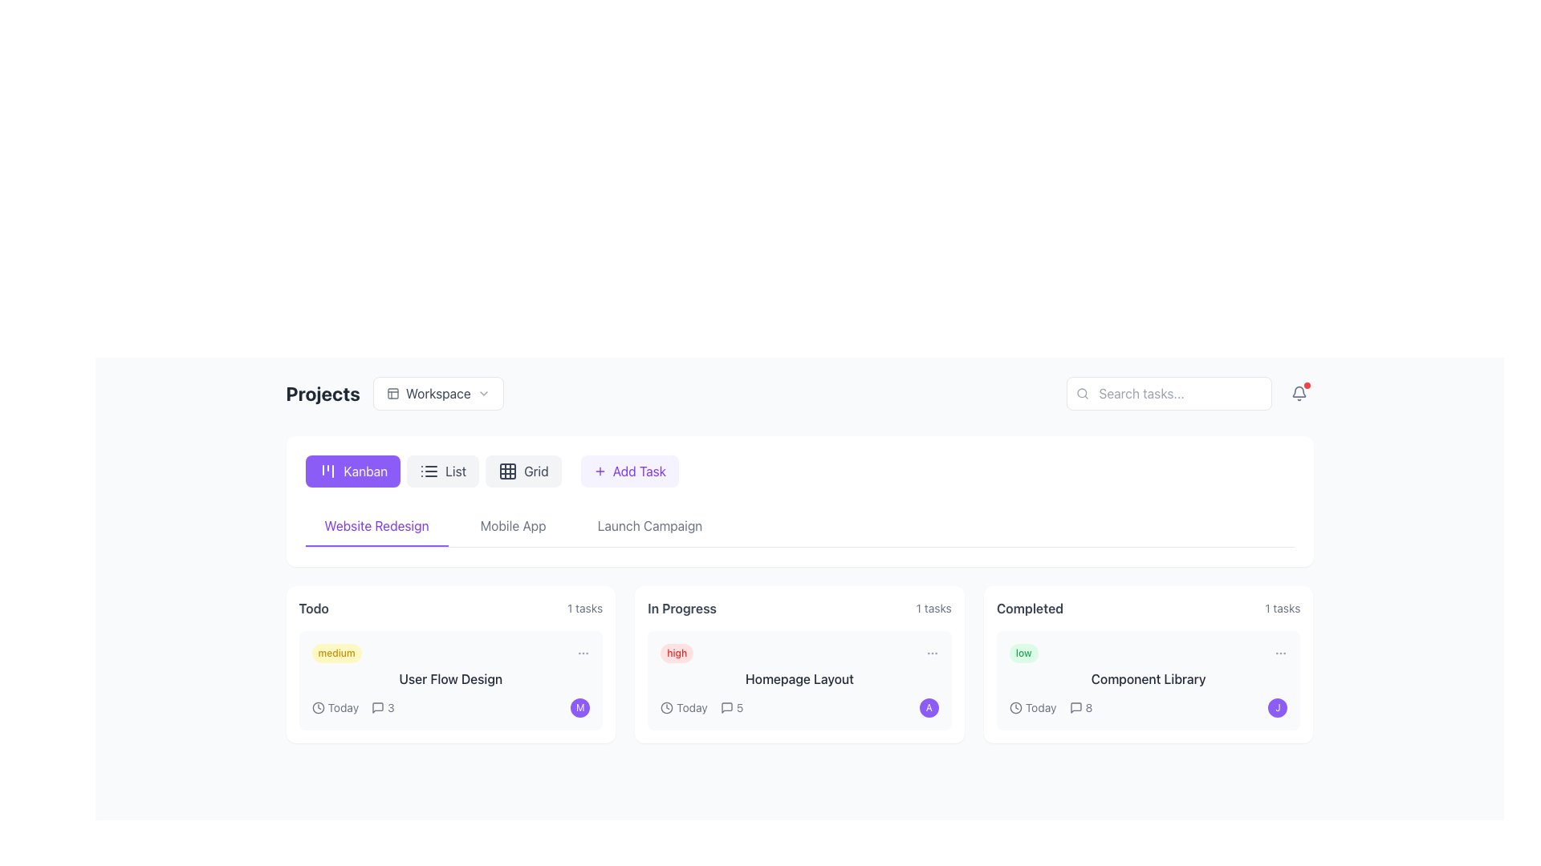  What do you see at coordinates (701, 707) in the screenshot?
I see `the 'Today' text label indicating a status of '5' located in the middle column under the 'In Progress' section of the 'Homepage Layout' task box` at bounding box center [701, 707].